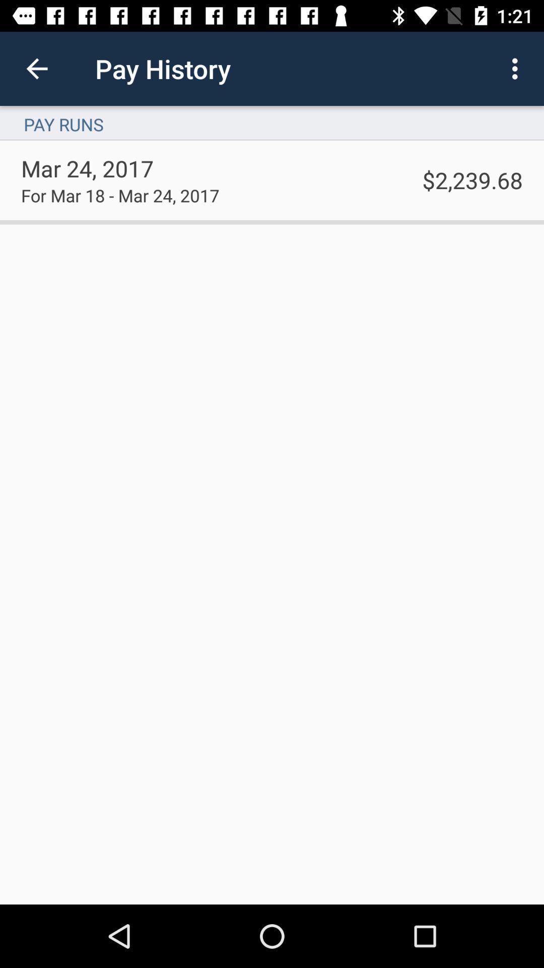 The height and width of the screenshot is (968, 544). What do you see at coordinates (472, 180) in the screenshot?
I see `$2,239.68` at bounding box center [472, 180].